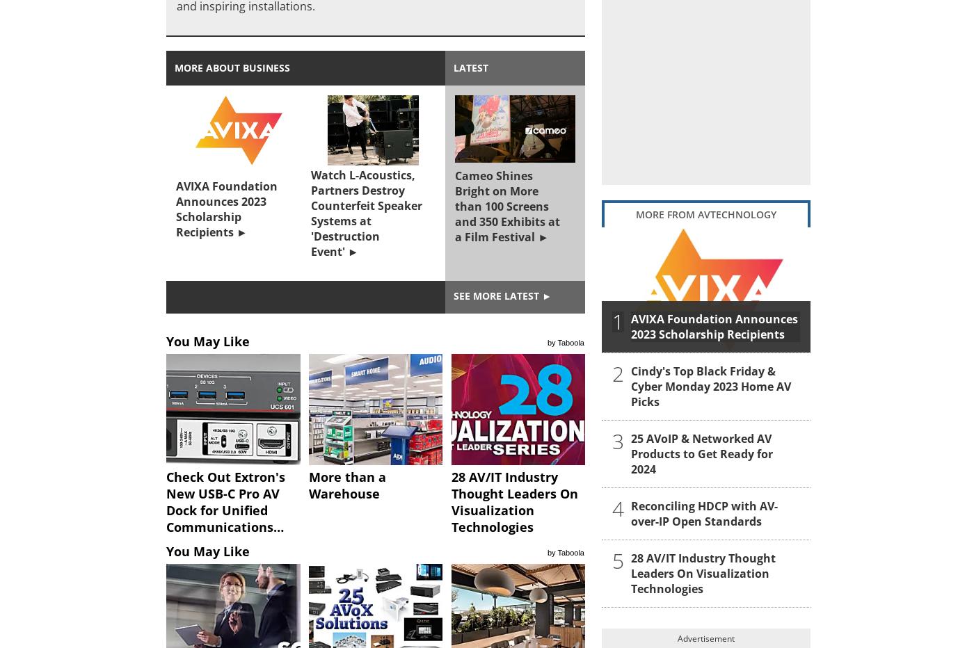 The image size is (974, 648). What do you see at coordinates (617, 439) in the screenshot?
I see `'3'` at bounding box center [617, 439].